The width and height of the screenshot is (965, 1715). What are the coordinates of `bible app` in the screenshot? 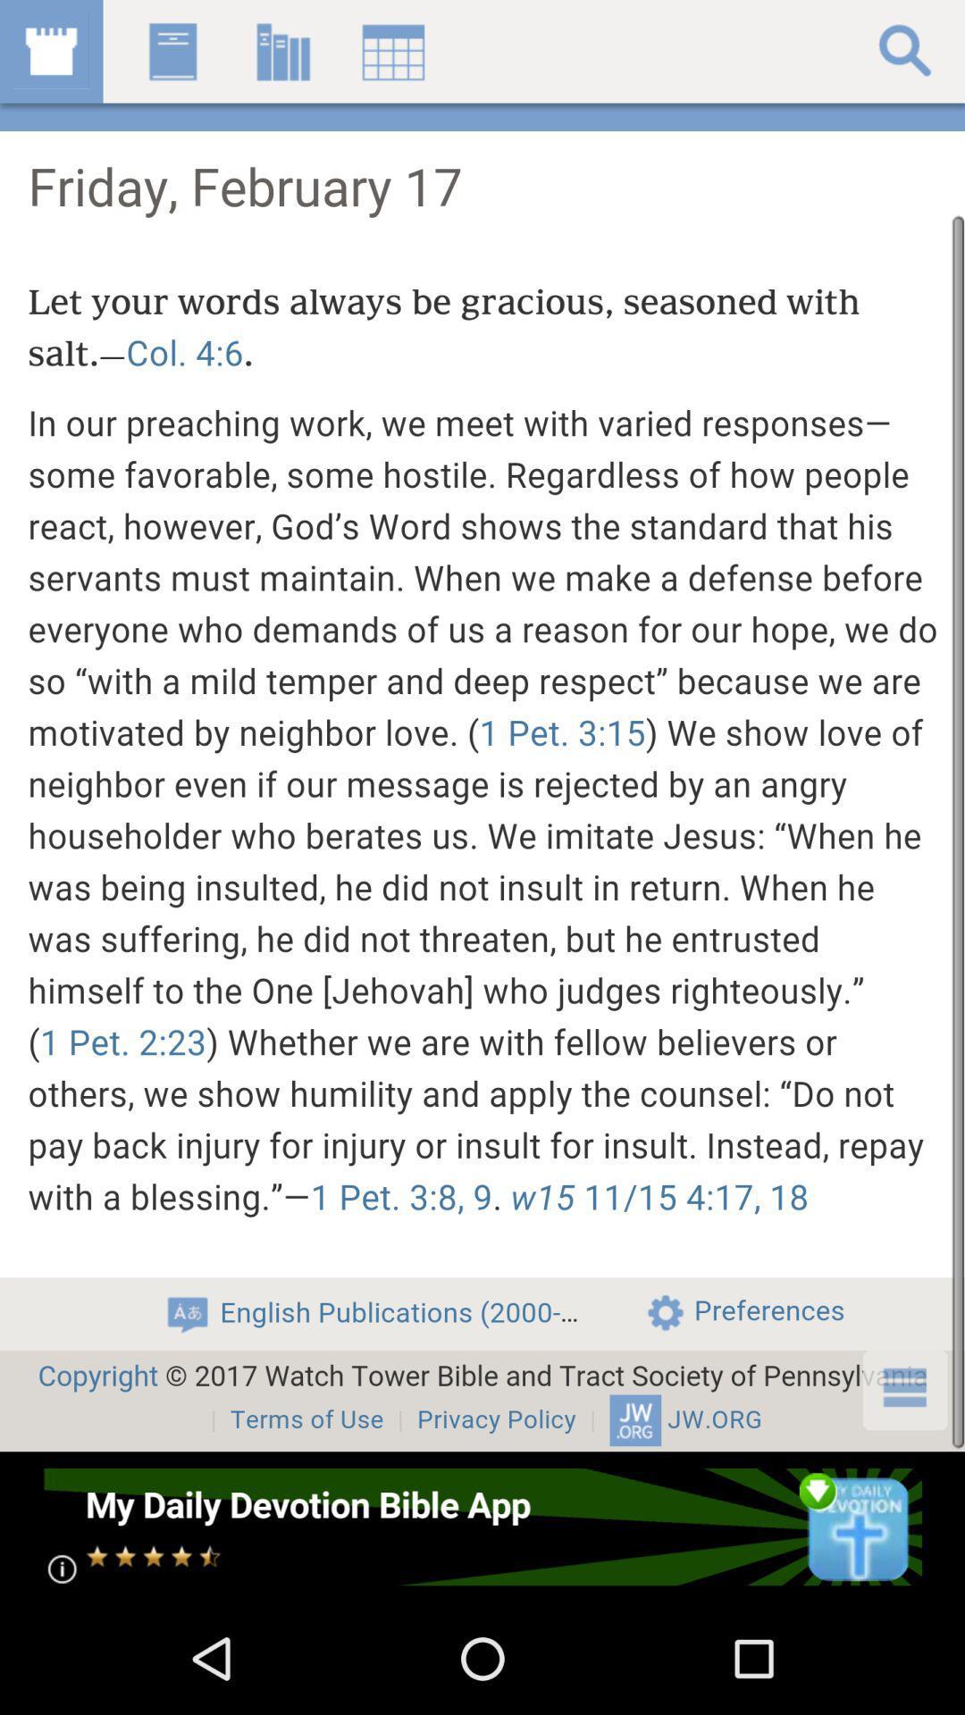 It's located at (481, 1526).